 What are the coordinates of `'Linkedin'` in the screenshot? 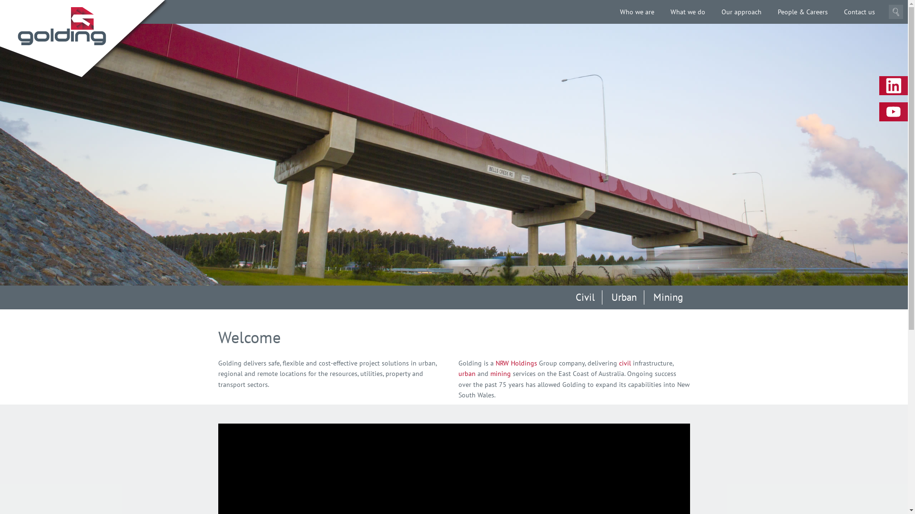 It's located at (893, 86).